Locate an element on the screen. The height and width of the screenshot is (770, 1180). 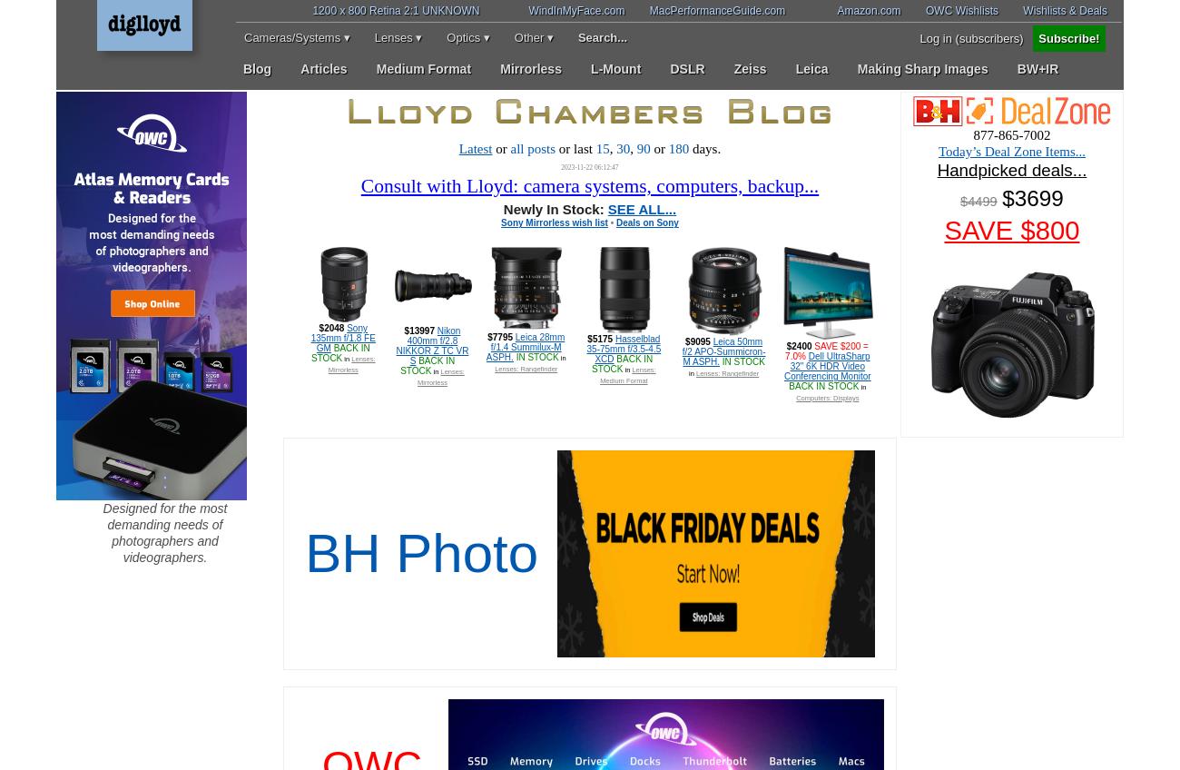
'Consult with Lloyd: camera systems, computers, backup...' is located at coordinates (589, 185).